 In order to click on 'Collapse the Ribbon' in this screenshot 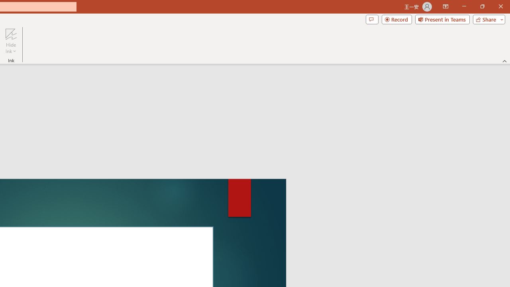, I will do `click(504, 61)`.